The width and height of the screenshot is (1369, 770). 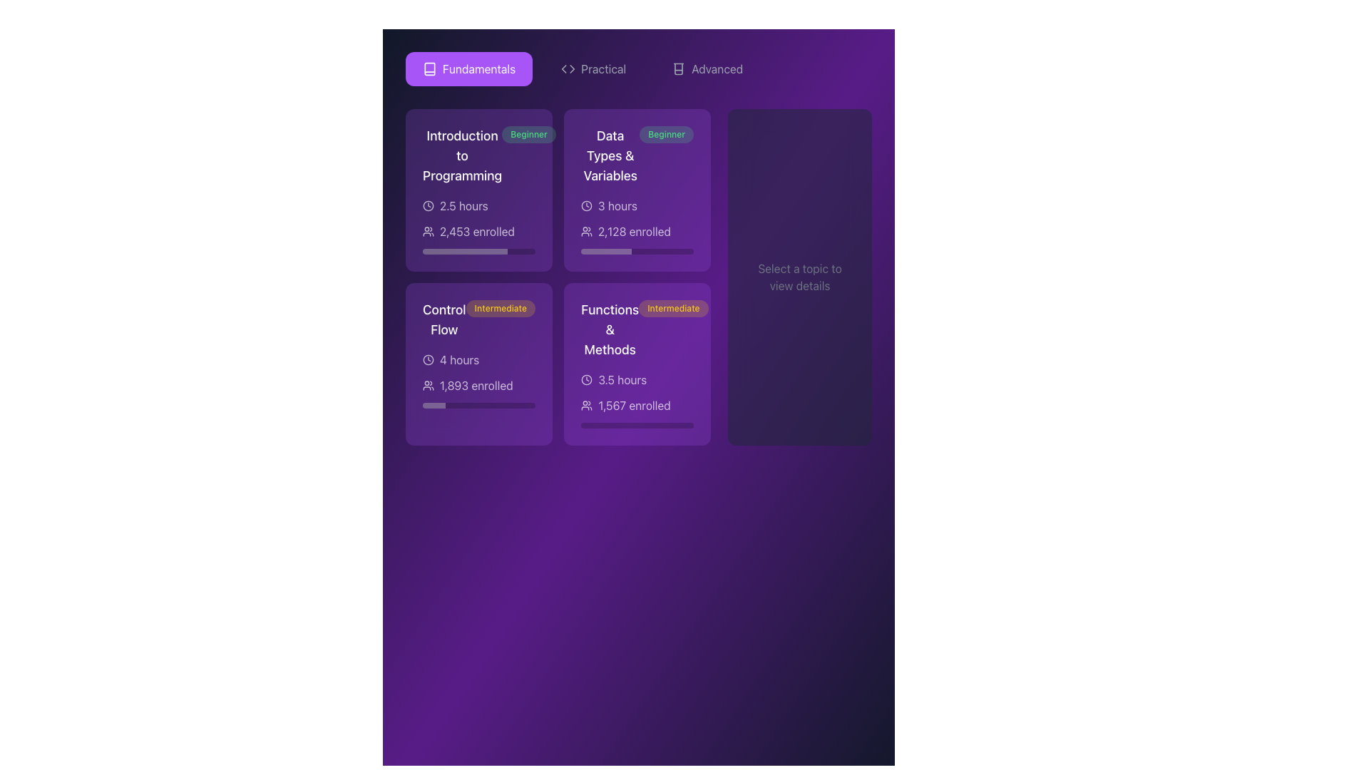 I want to click on the horizontal progress bar located within the 'Introduction to Programming' card, below the text '2,453 enrolled', so click(x=479, y=251).